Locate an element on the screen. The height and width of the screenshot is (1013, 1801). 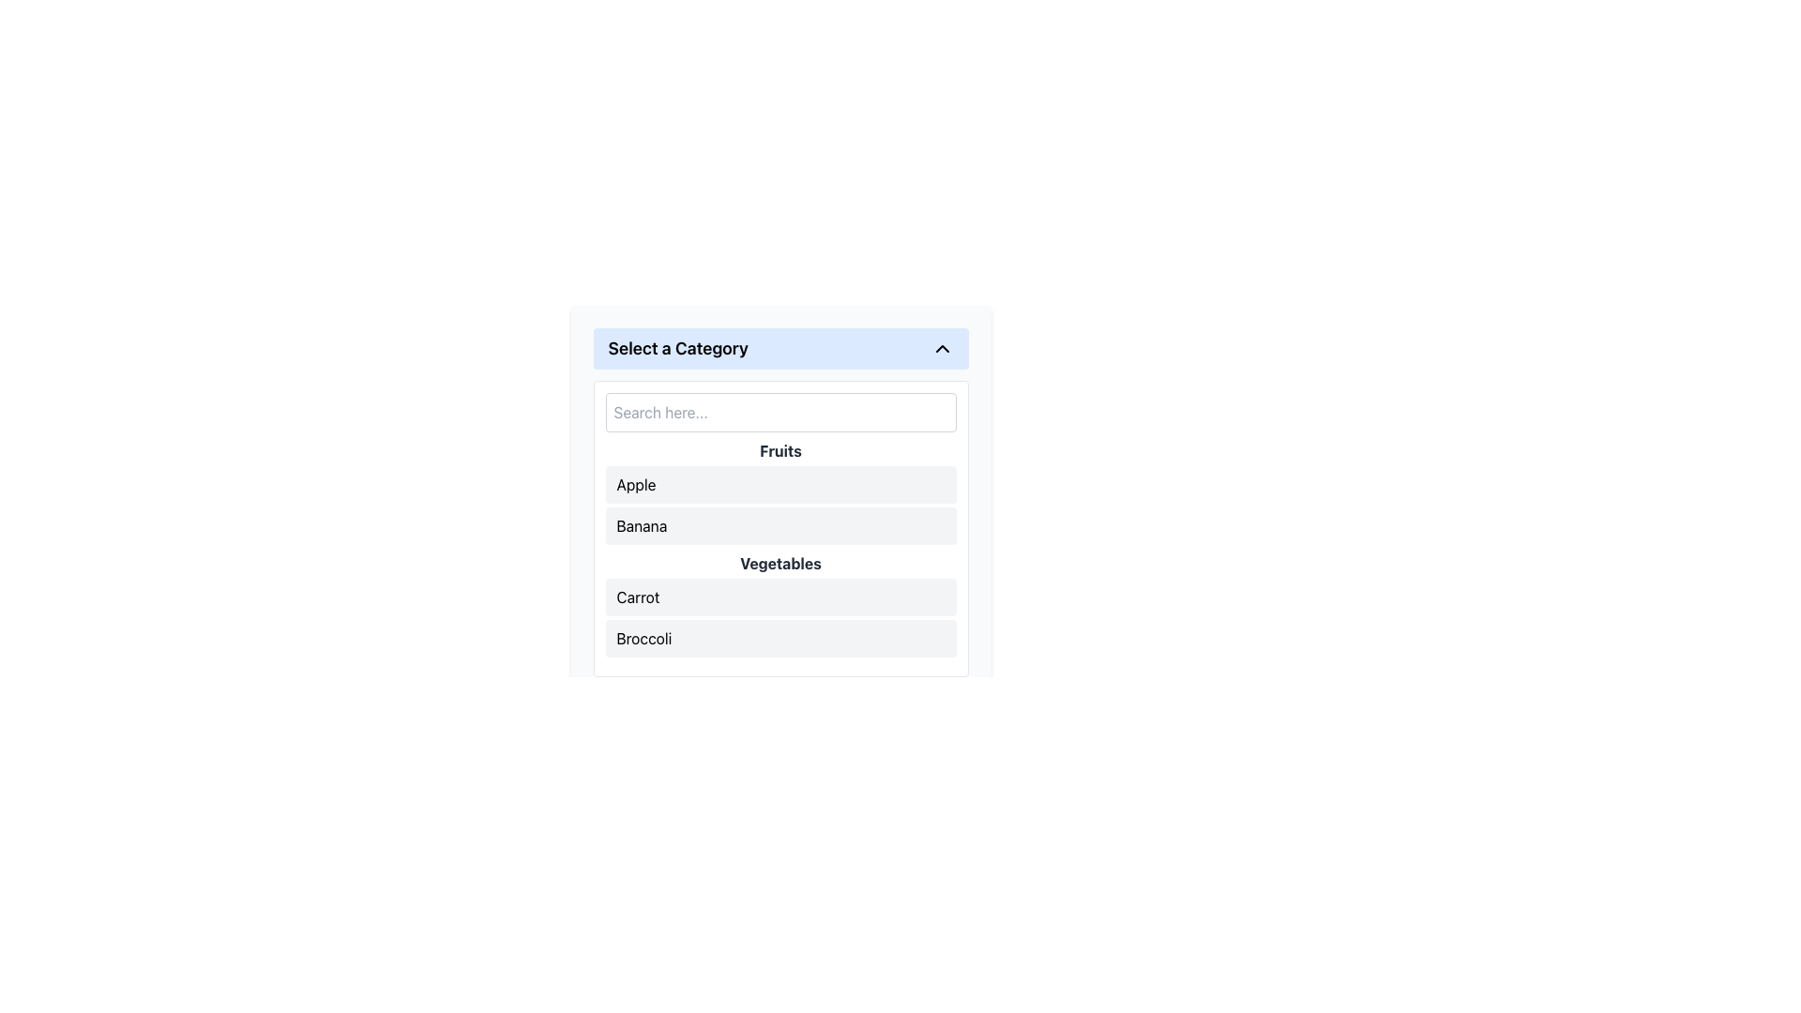
text of the label displaying 'Carrot', which is the first entry in the 'Vegetables' section of the vertical list under 'Select a Category' is located at coordinates (638, 597).